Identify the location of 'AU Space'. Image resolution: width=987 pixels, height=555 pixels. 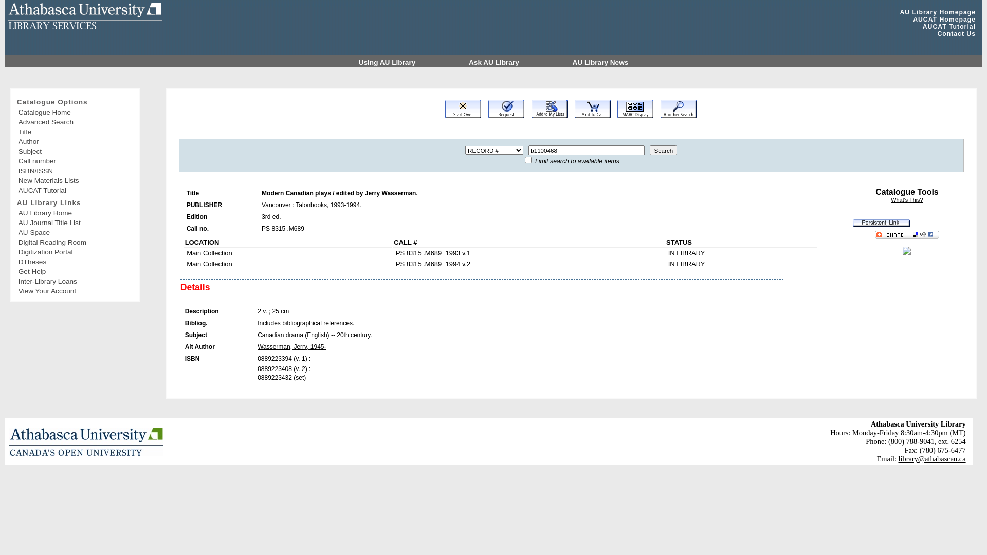
(75, 232).